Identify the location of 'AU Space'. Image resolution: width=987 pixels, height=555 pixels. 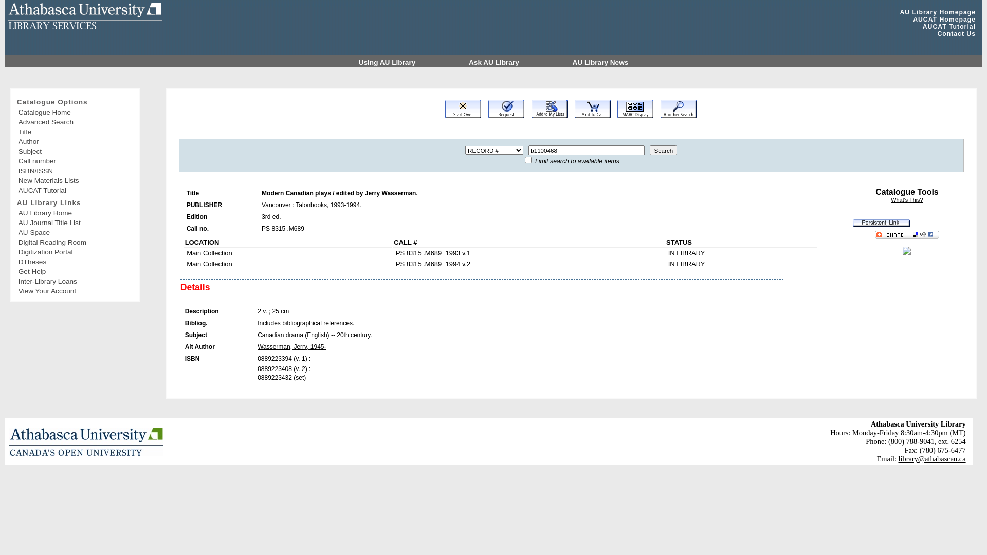
(75, 232).